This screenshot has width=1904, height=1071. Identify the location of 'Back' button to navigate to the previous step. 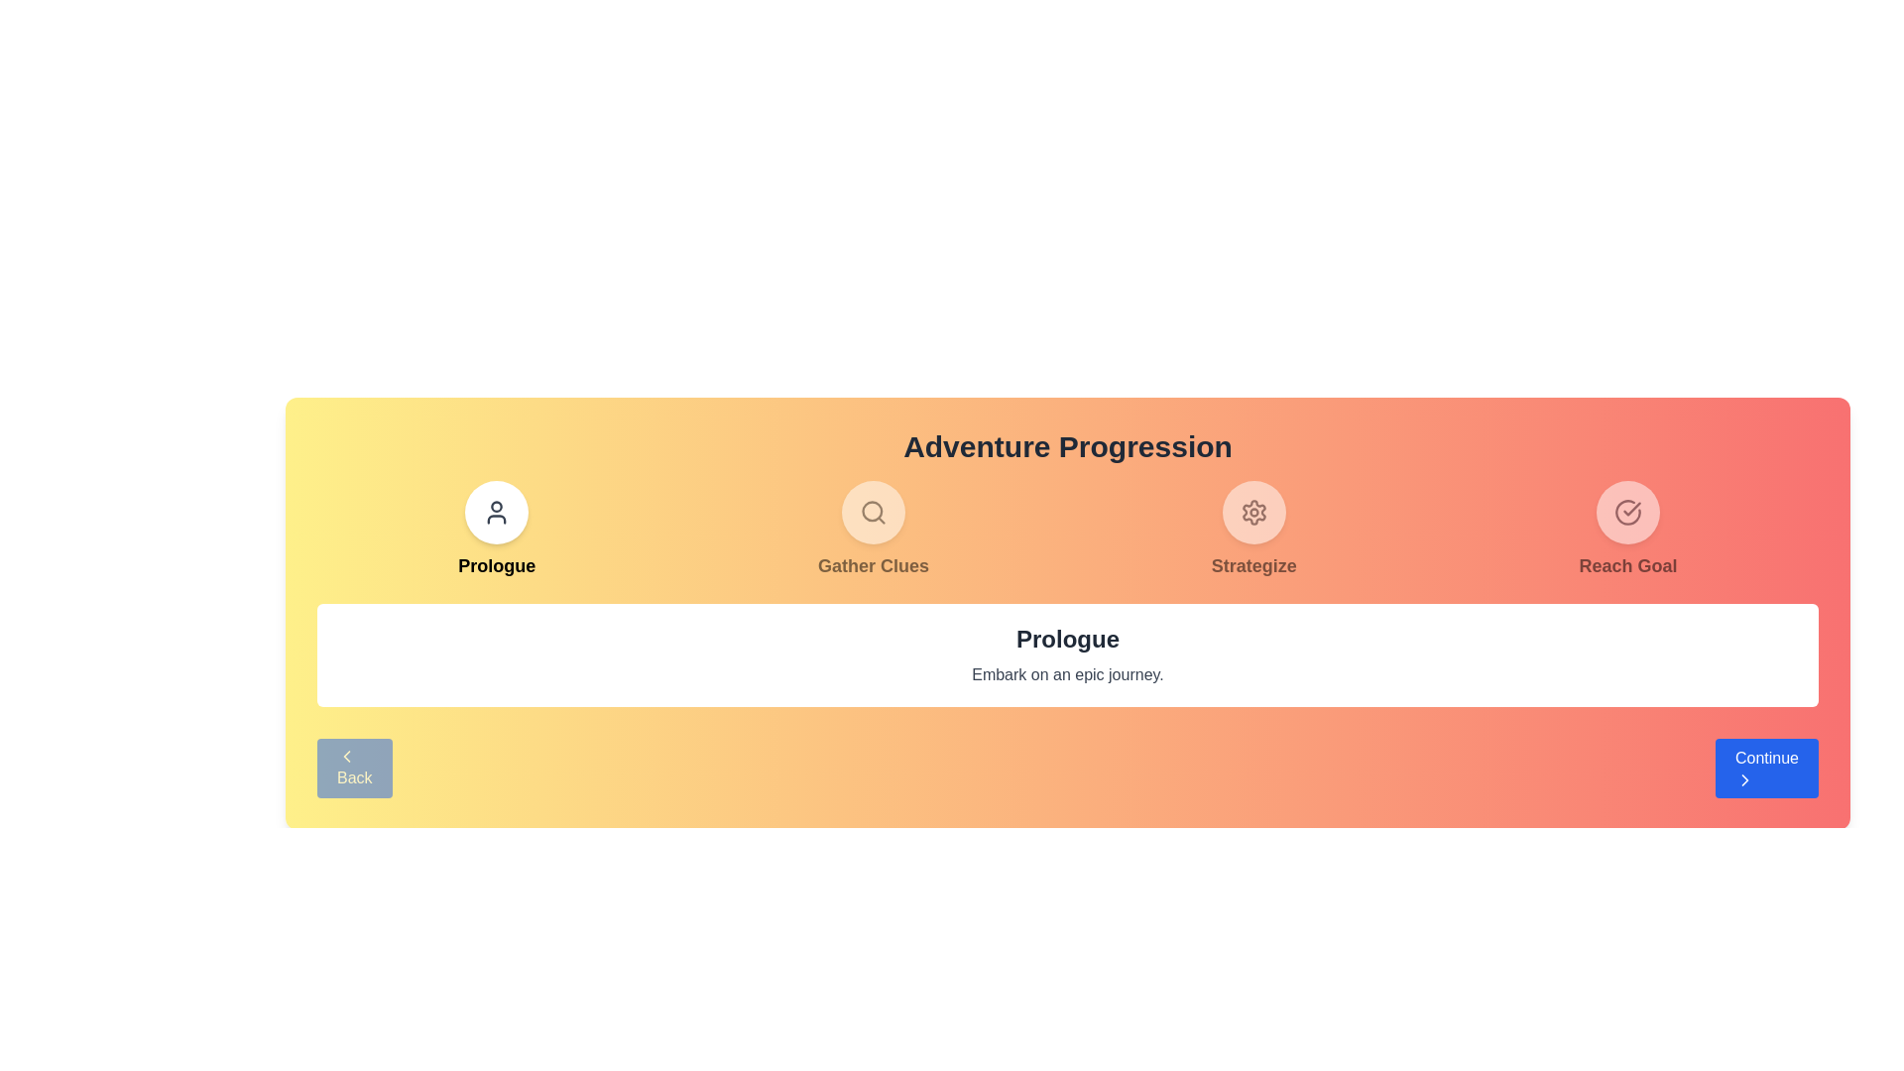
(353, 768).